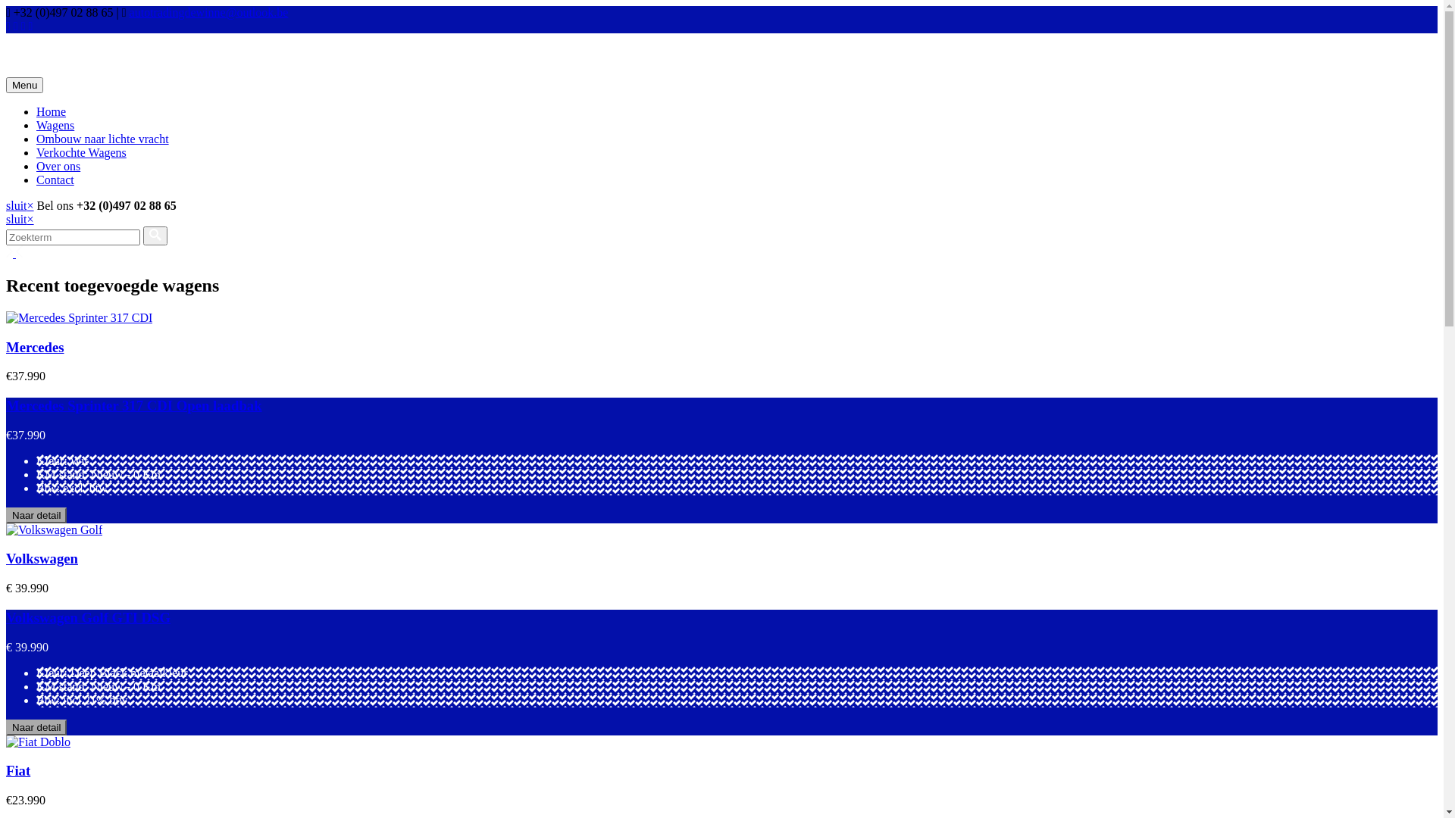 The height and width of the screenshot is (818, 1455). What do you see at coordinates (35, 347) in the screenshot?
I see `'Mercedes'` at bounding box center [35, 347].